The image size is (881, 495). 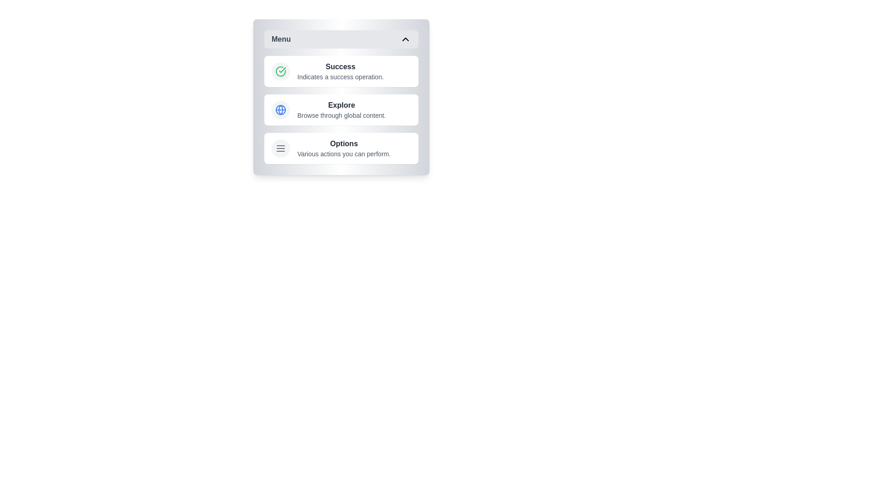 What do you see at coordinates (341, 148) in the screenshot?
I see `the menu item labeled Options` at bounding box center [341, 148].